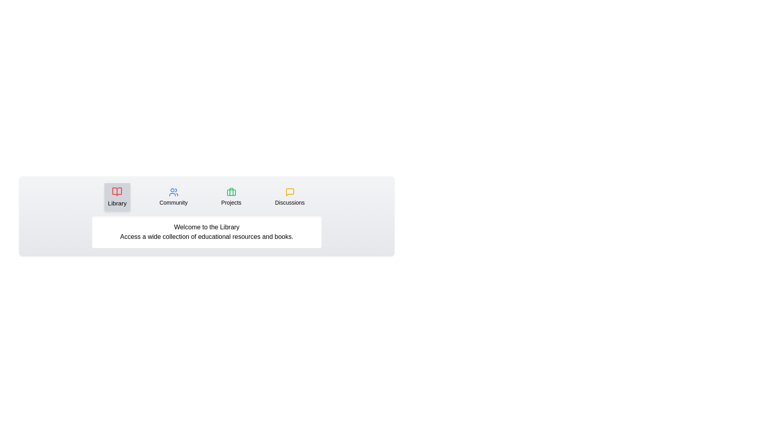 This screenshot has height=430, width=765. Describe the element at coordinates (173, 202) in the screenshot. I see `the 'Community' text label, which is the second element in the navigation bar, providing context for the associated icon of people` at that location.